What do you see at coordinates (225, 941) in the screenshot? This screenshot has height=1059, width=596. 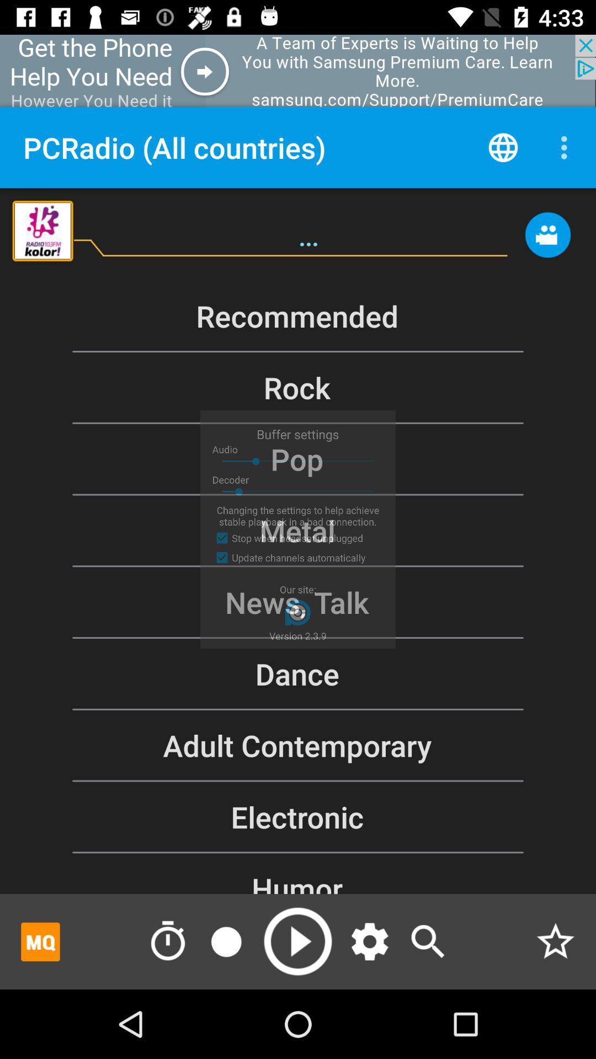 I see `stop music` at bounding box center [225, 941].